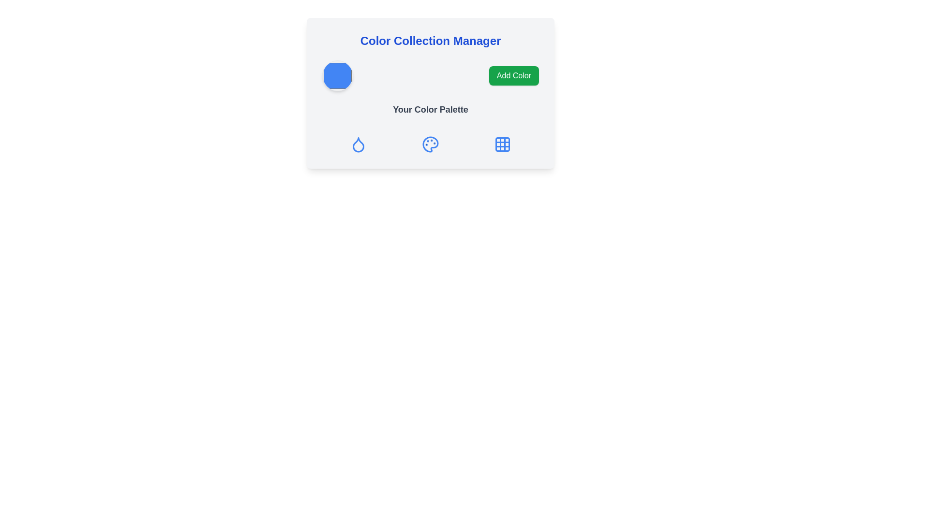  I want to click on the droplet-shaped blue icon with a stroke outline located in the bottom left section of 'Your Color Palette', which is the first icon among three horizontally aligned icons, so click(358, 145).